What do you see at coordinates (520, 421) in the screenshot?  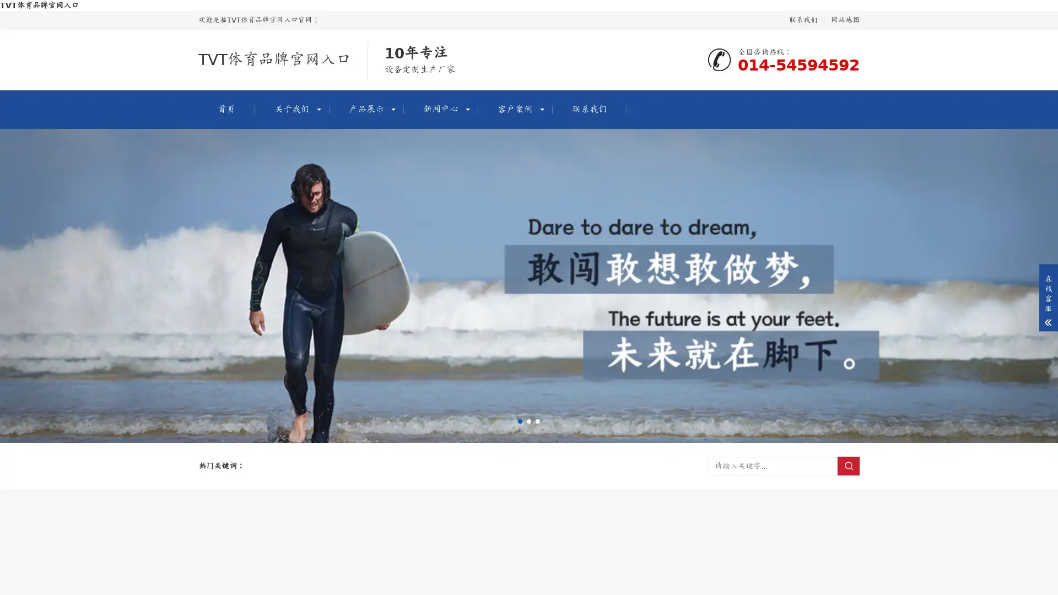 I see `Go to slide 1` at bounding box center [520, 421].